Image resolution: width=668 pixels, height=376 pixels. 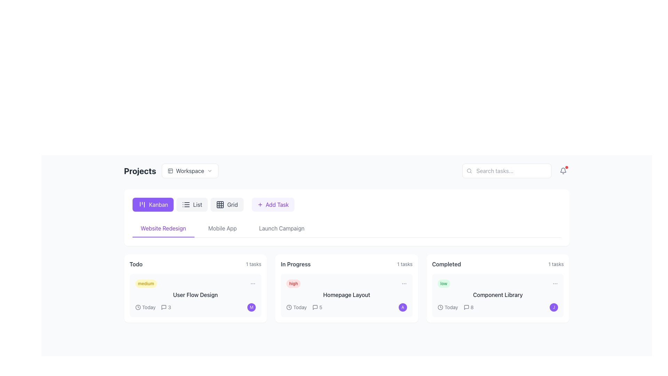 I want to click on the details of the tag or label component located inside the 'Todo' task card, positioned at the top left side, next to the three-dot menu button, so click(x=195, y=283).